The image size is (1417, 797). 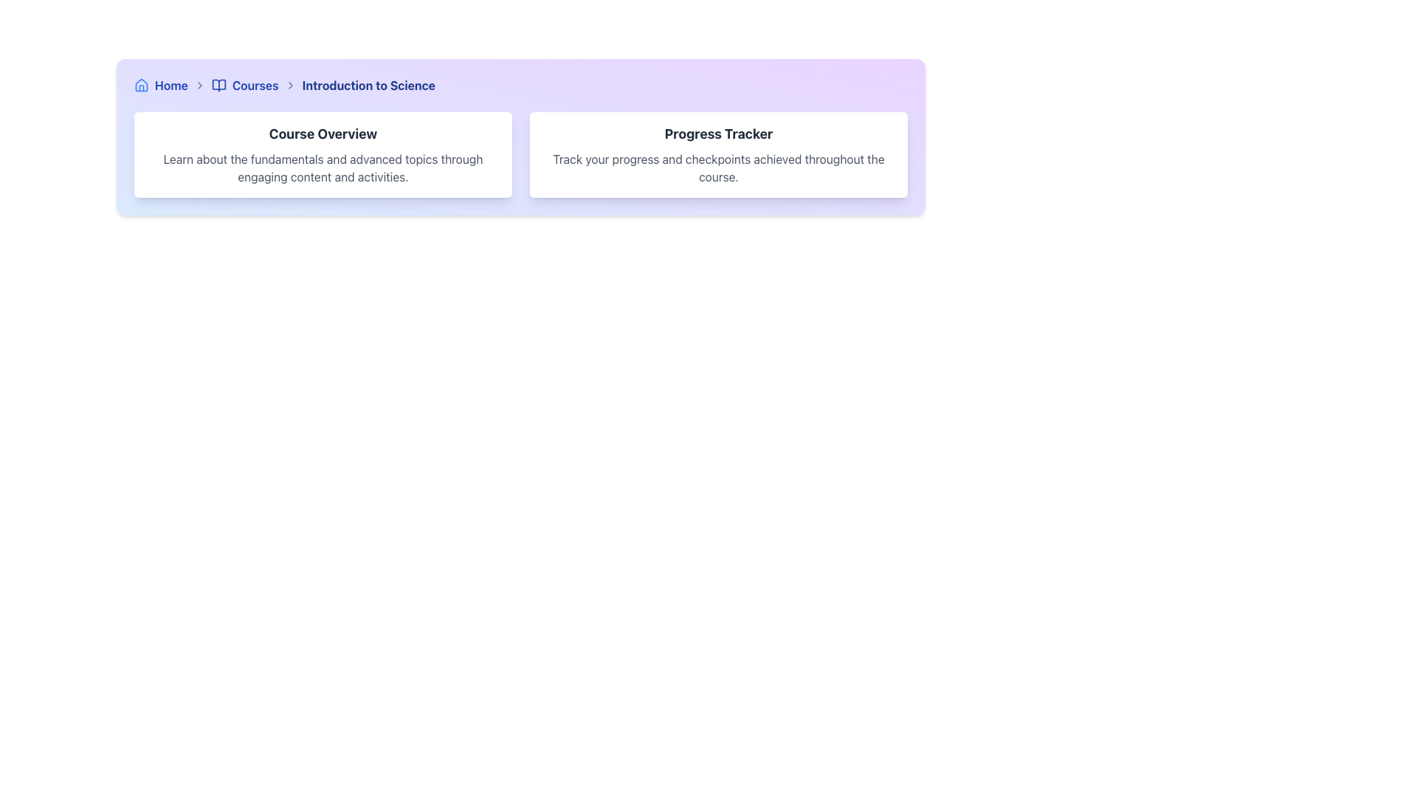 I want to click on the third chevron icon in the breadcrumb navigation bar, which separates the 'Courses' link from the 'Introduction to Science' text, so click(x=290, y=85).